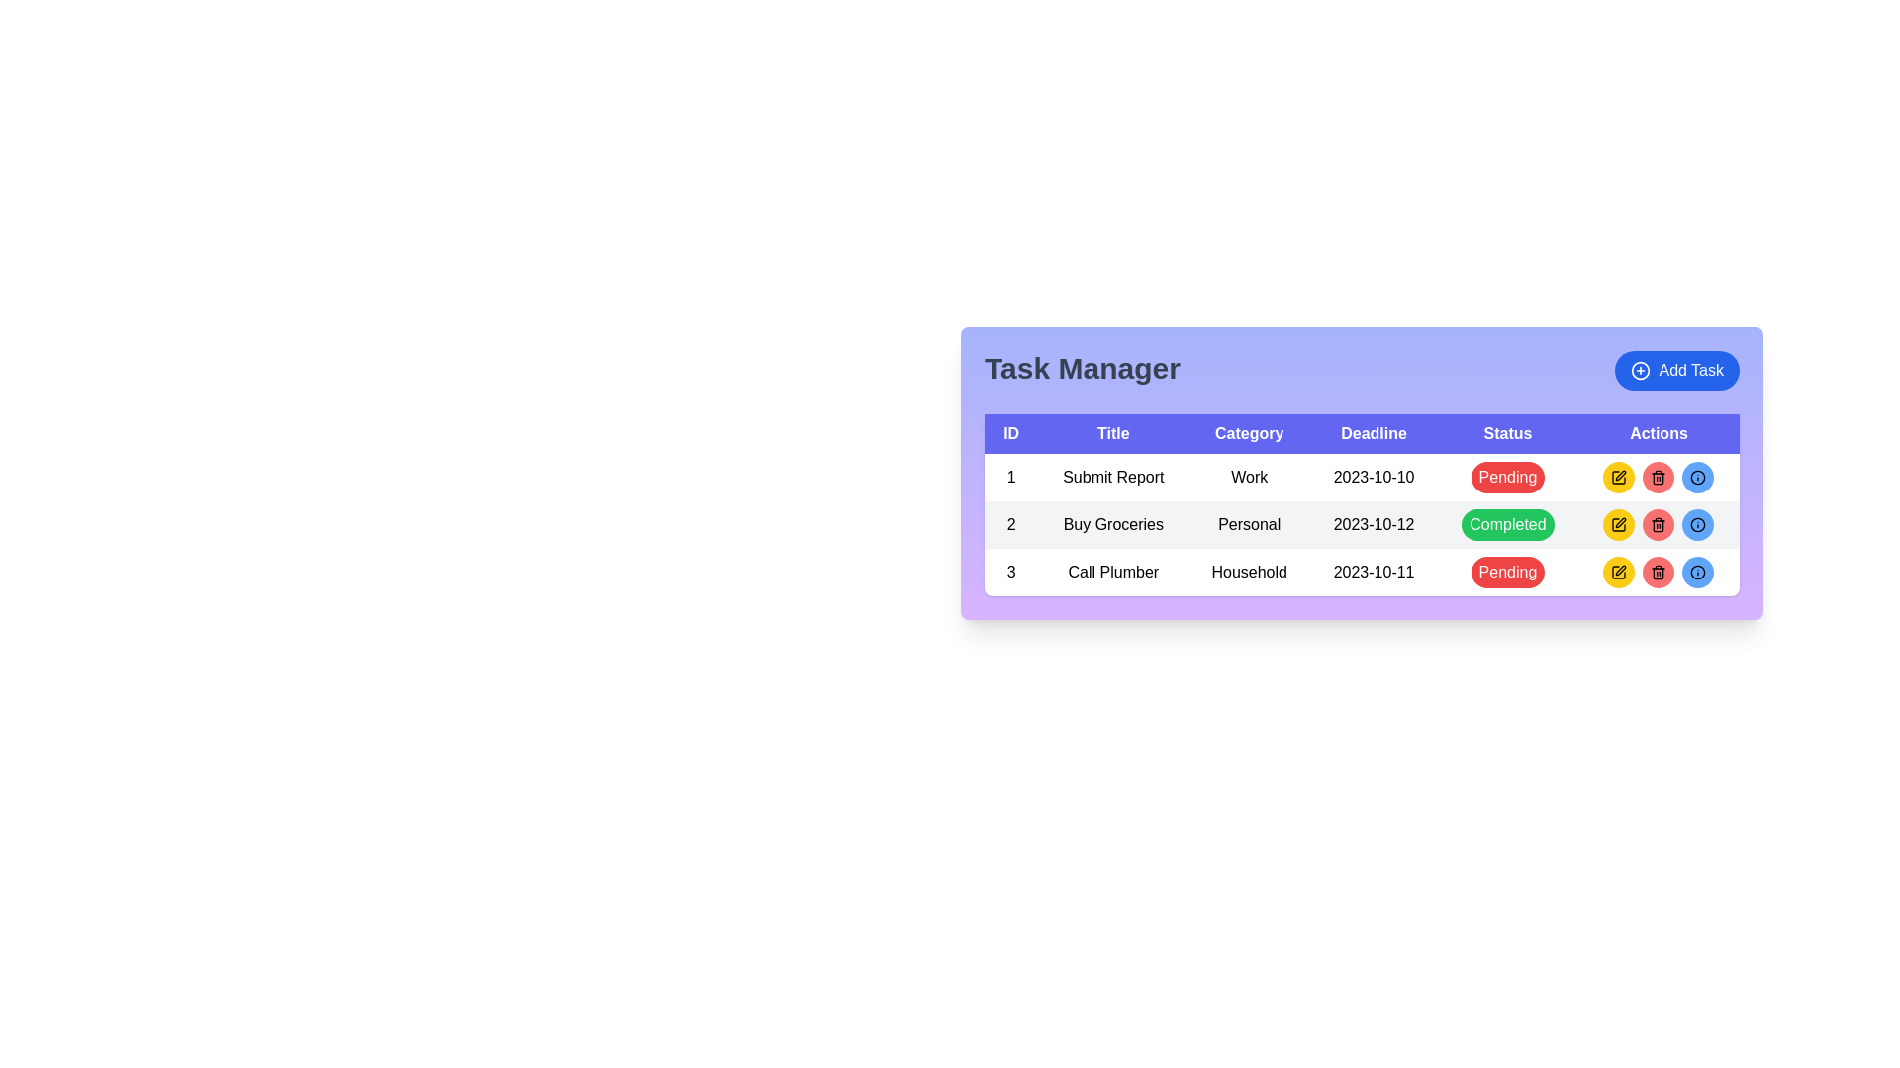 The height and width of the screenshot is (1068, 1900). I want to click on the 'Personal' text label in the 'Category' column of the second row in the 'Task Manager' table, so click(1248, 524).